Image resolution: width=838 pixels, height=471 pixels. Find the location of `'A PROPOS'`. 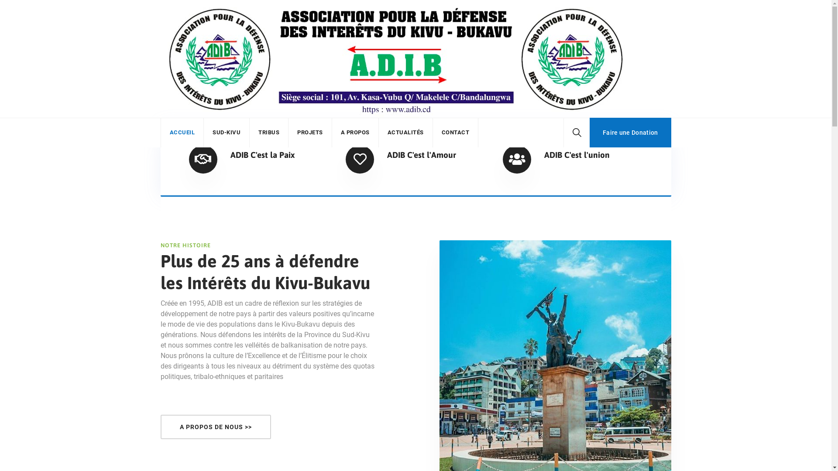

'A PROPOS' is located at coordinates (340, 133).